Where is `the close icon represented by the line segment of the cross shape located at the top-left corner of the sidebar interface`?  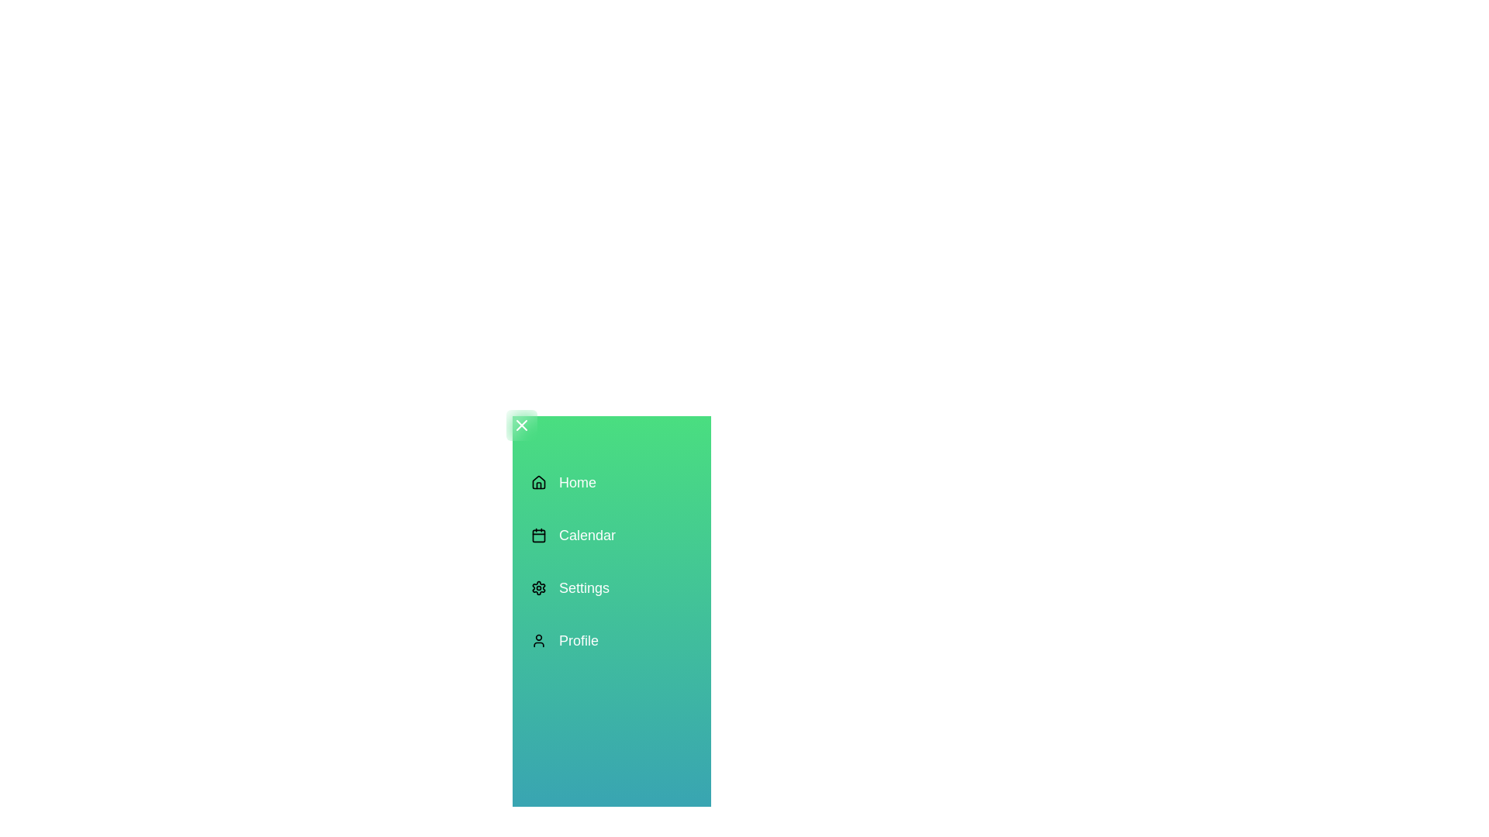 the close icon represented by the line segment of the cross shape located at the top-left corner of the sidebar interface is located at coordinates (521, 425).